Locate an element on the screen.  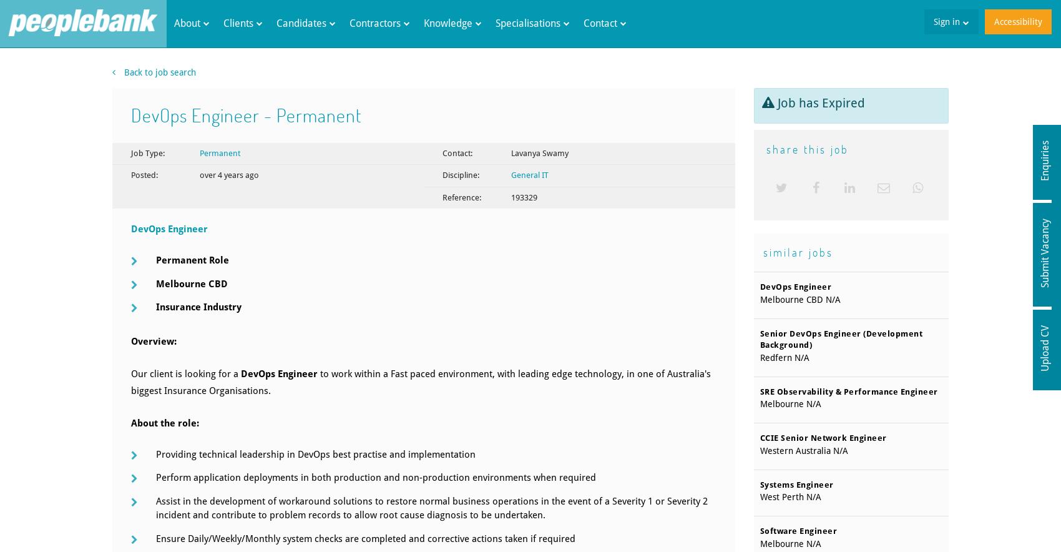
'Accessibility' is located at coordinates (1017, 22).